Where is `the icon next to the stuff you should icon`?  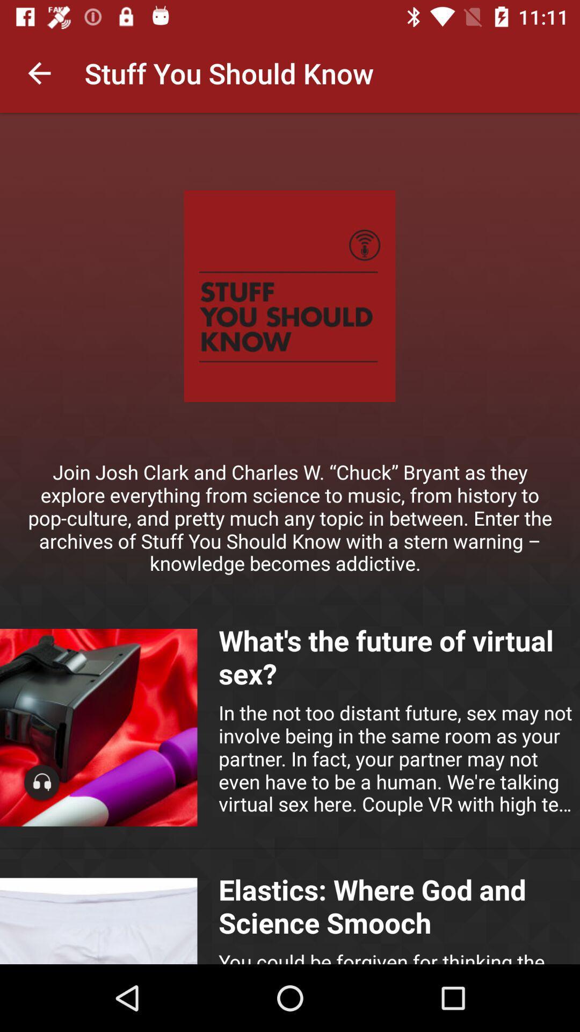
the icon next to the stuff you should icon is located at coordinates (39, 73).